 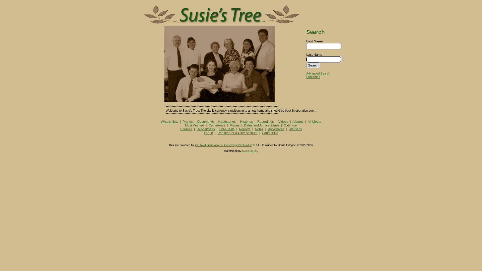 What do you see at coordinates (283, 121) in the screenshot?
I see `'Videos'` at bounding box center [283, 121].